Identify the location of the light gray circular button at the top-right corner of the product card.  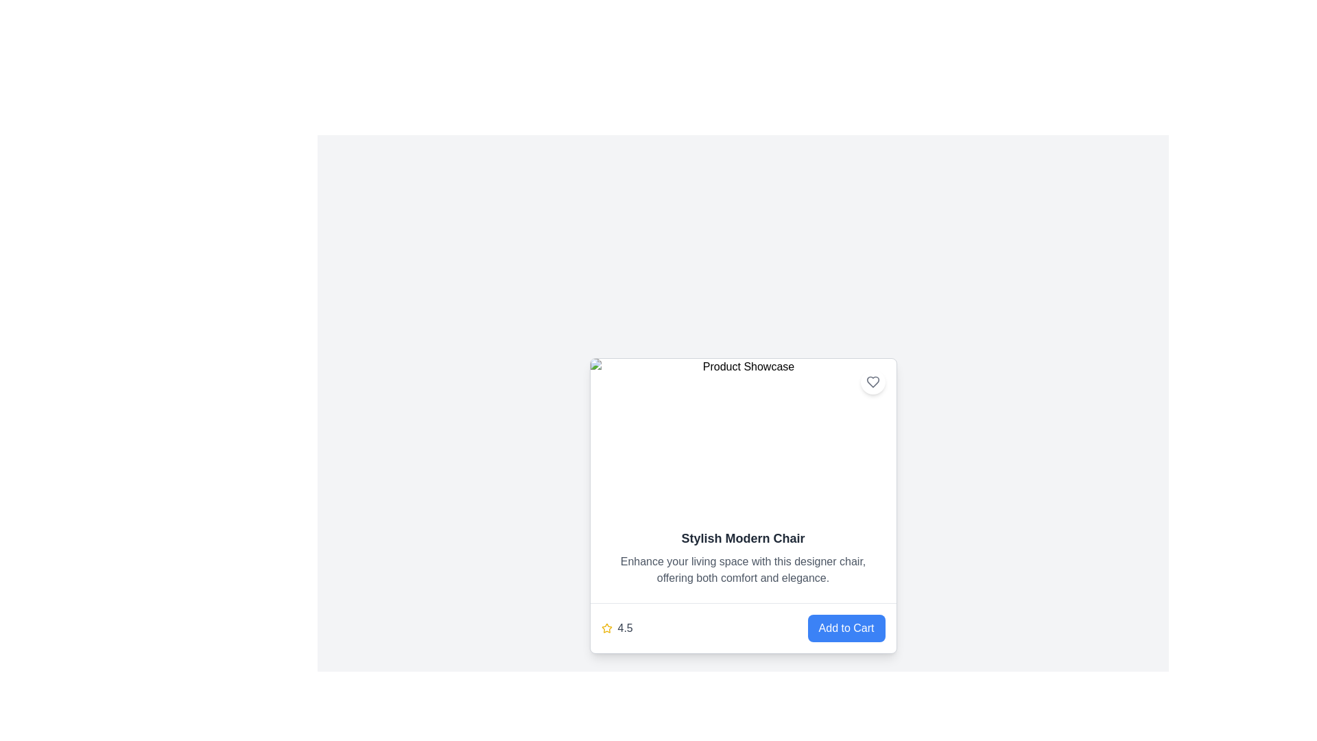
(872, 381).